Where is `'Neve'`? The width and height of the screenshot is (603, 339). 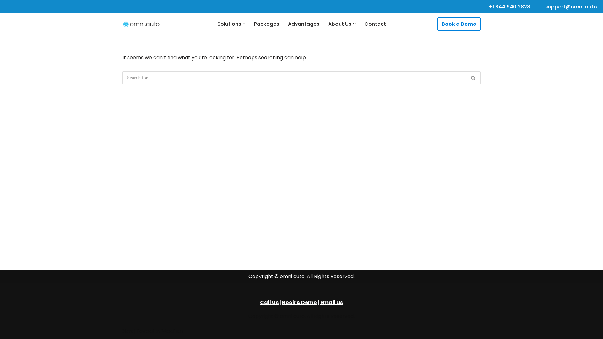
'Neve' is located at coordinates (128, 331).